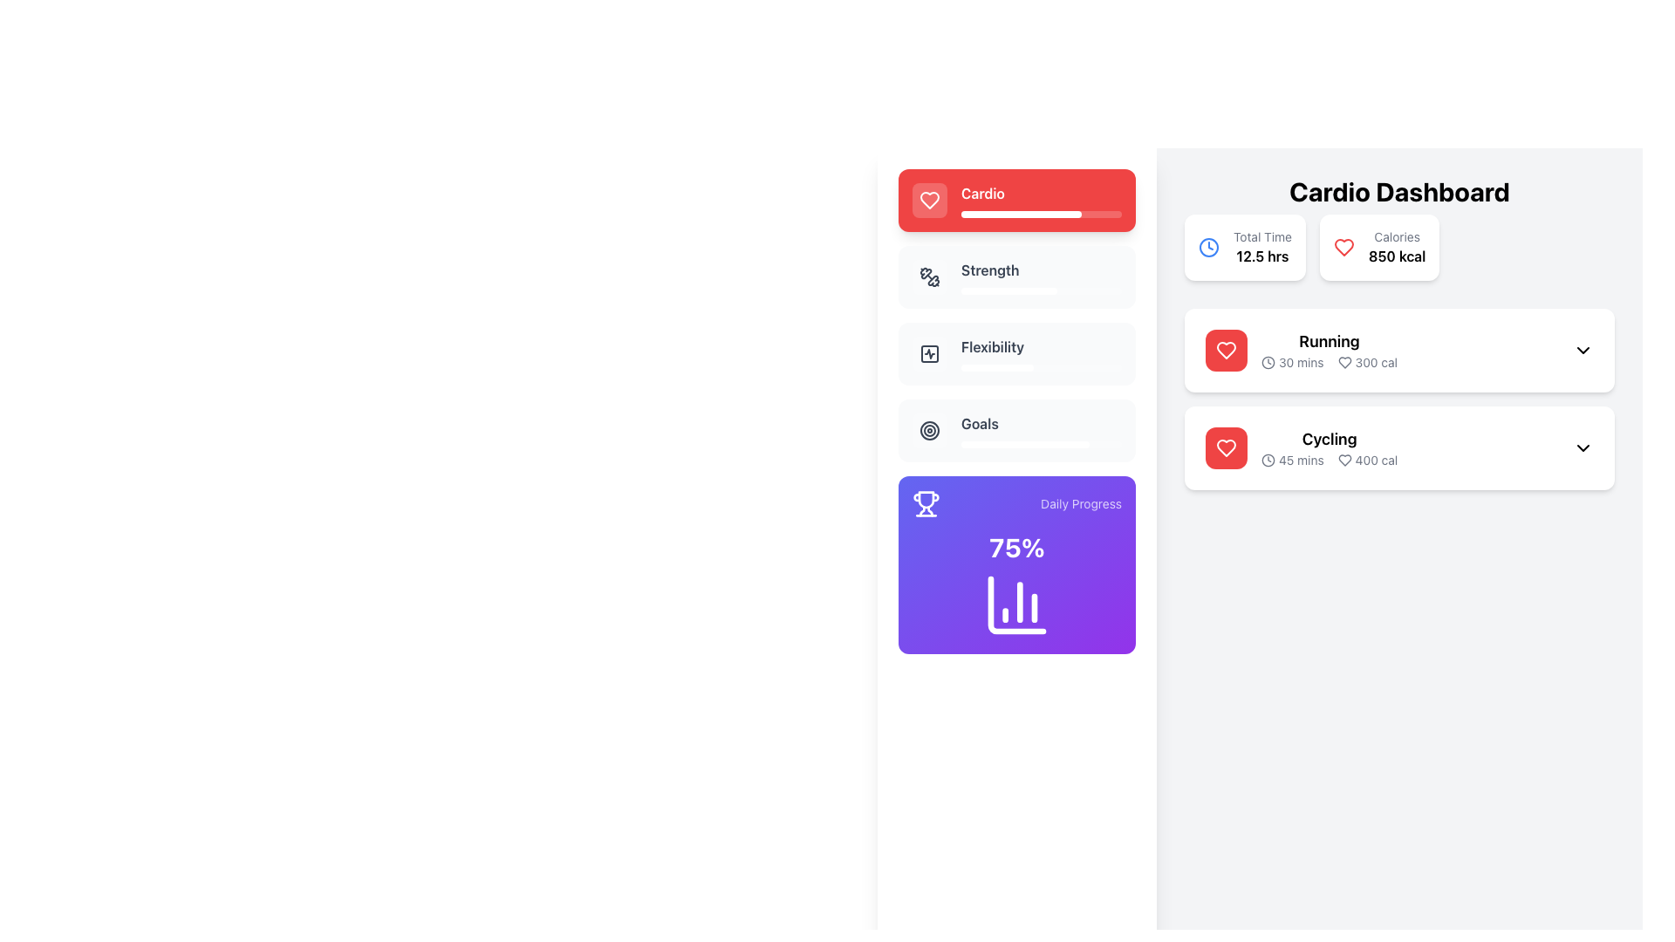 The image size is (1675, 942). I want to click on the Text label that displays the total calorie count, located under the 'Calories' label on the right side of the 'Cardio Dashboard' section, so click(1397, 256).